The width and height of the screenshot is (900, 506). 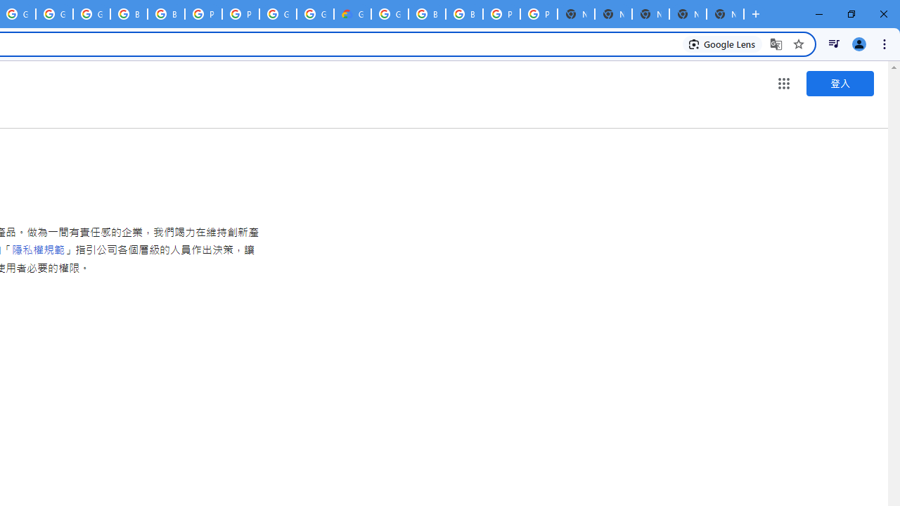 What do you see at coordinates (722, 43) in the screenshot?
I see `'Search with Google Lens'` at bounding box center [722, 43].